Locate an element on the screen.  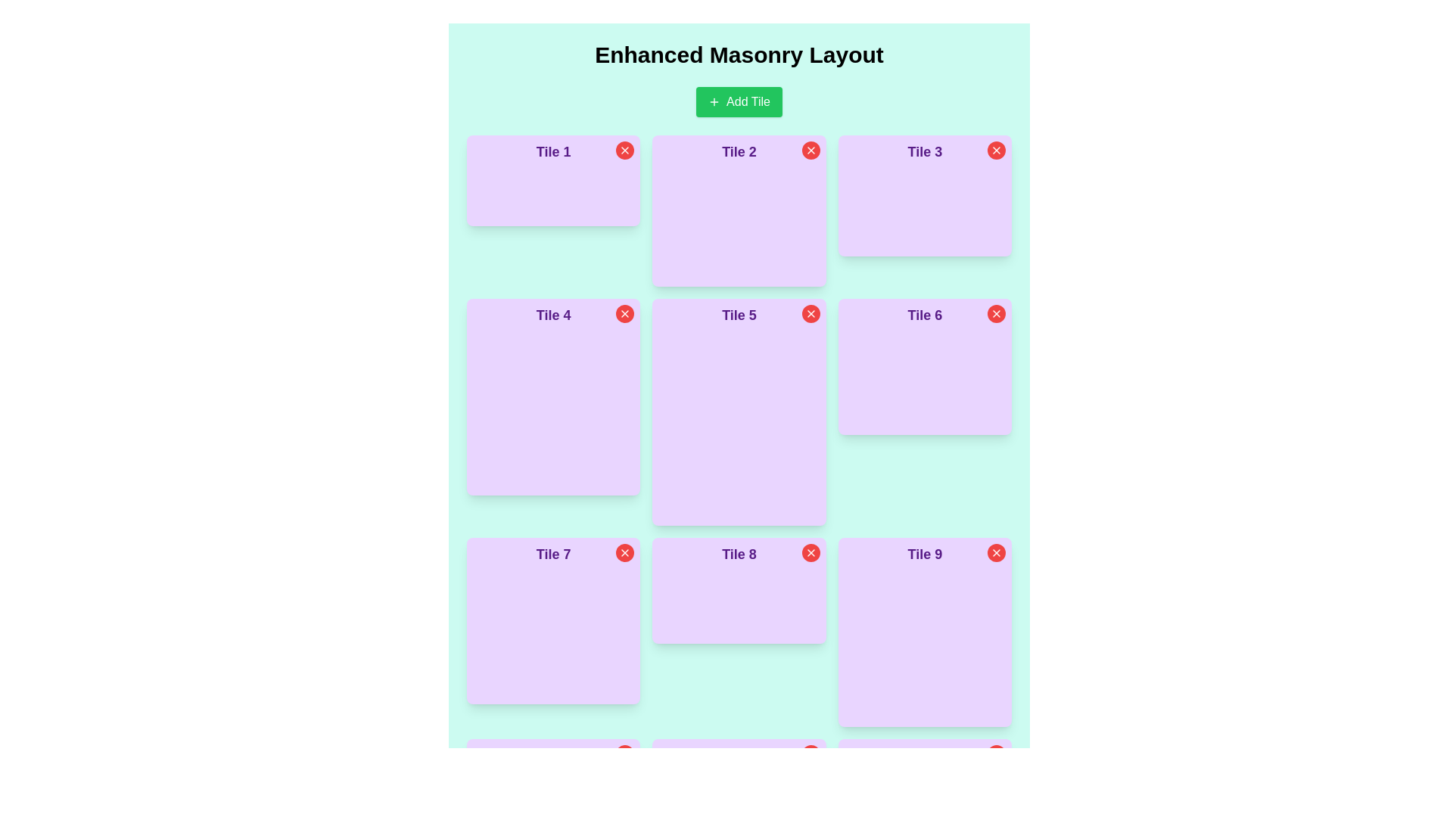
the Close button icon, which is a small red cross on a circular red button located at the top-right corner of the purple box labeled 'Tile 5' is located at coordinates (810, 313).